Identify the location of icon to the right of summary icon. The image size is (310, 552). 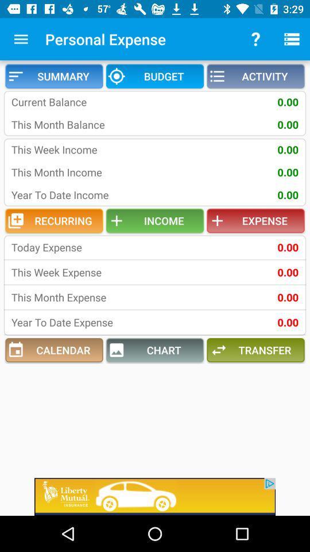
(155, 75).